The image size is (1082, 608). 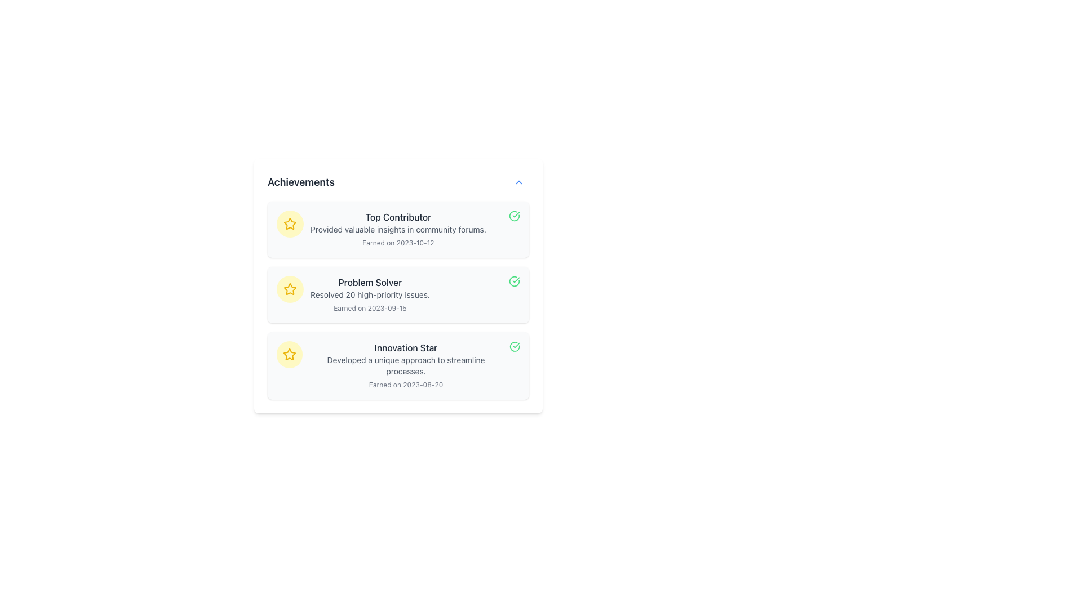 What do you see at coordinates (301, 182) in the screenshot?
I see `the 'Achievements' header label located in the upper-left of its section, summarizing the content below it` at bounding box center [301, 182].